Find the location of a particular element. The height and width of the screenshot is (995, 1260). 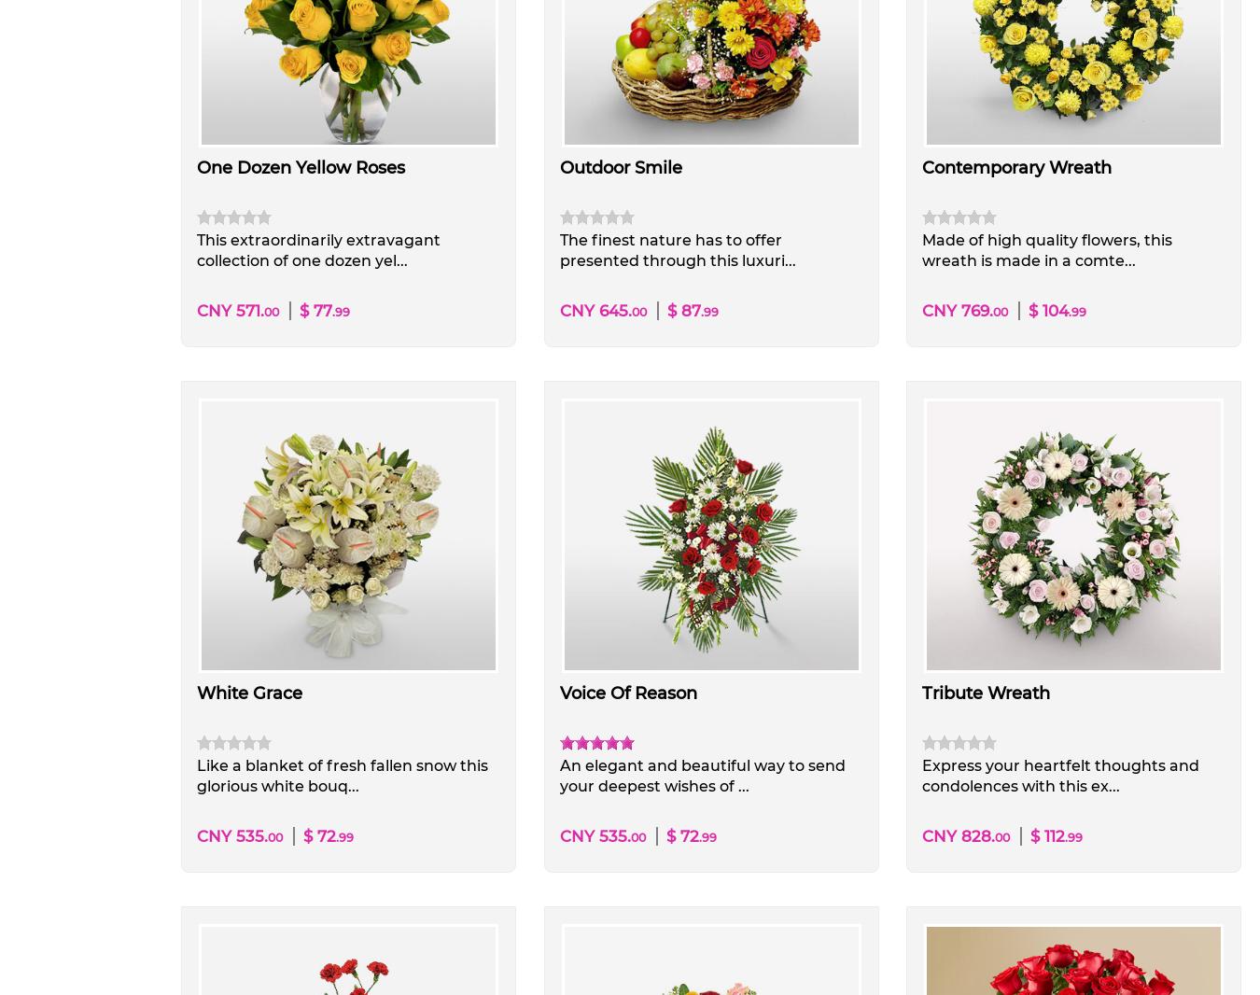

'$ 87' is located at coordinates (681, 311).